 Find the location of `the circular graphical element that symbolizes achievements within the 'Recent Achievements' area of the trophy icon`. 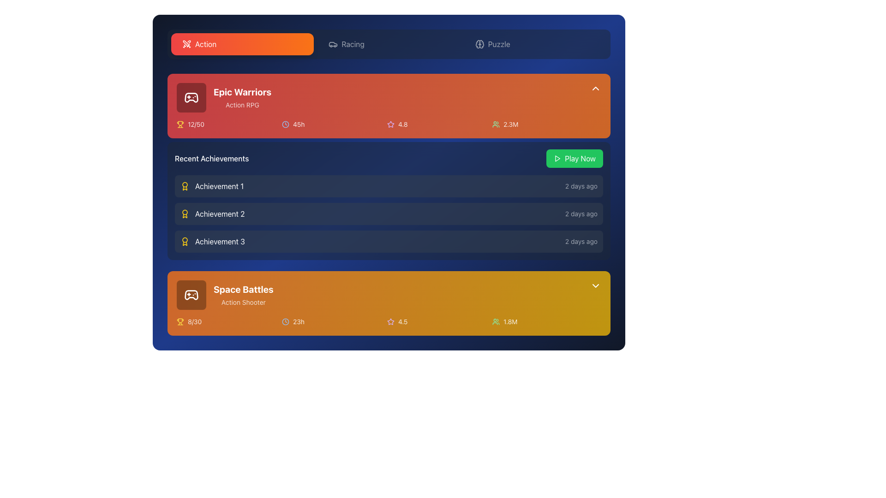

the circular graphical element that symbolizes achievements within the 'Recent Achievements' area of the trophy icon is located at coordinates (185, 239).